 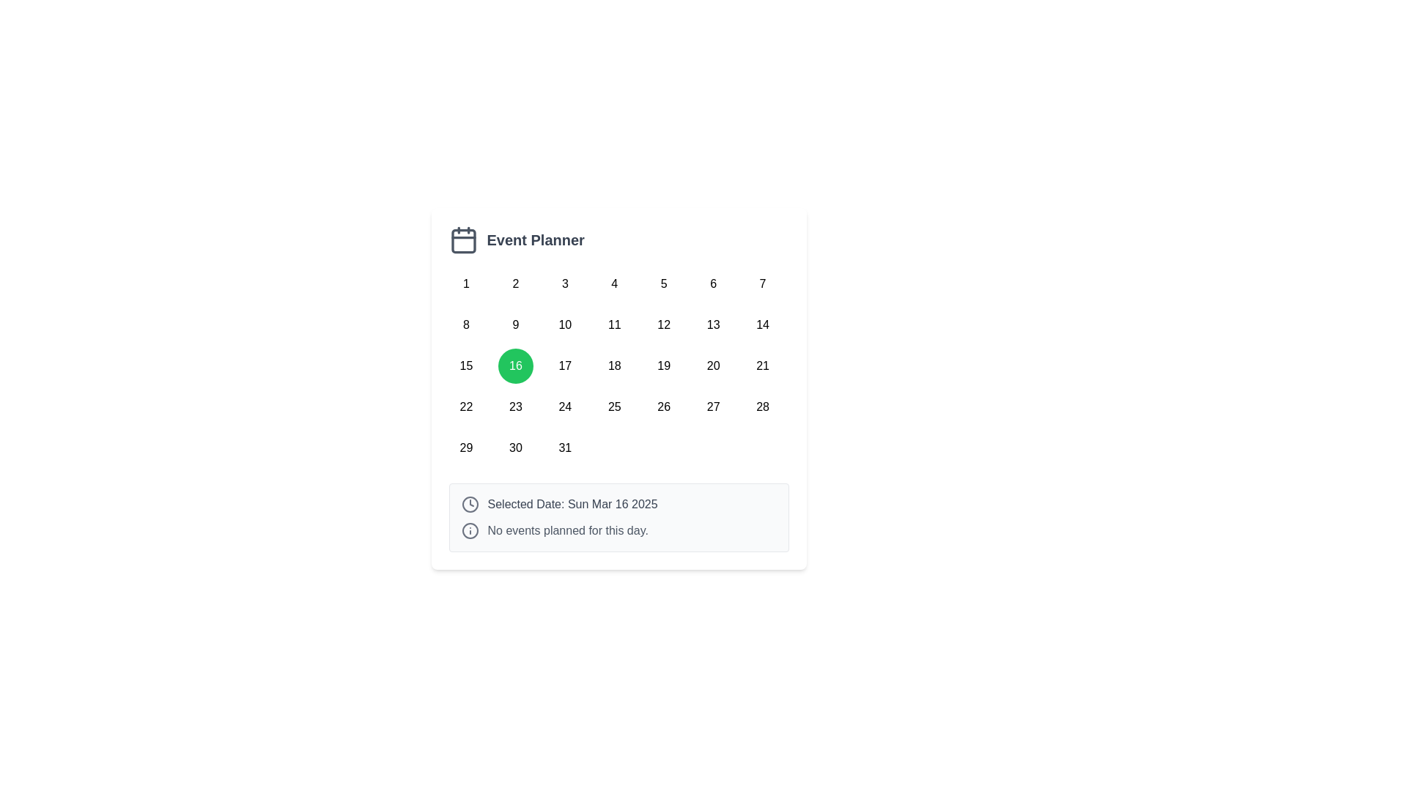 What do you see at coordinates (515, 324) in the screenshot?
I see `the calendar date button located in the second row and second column of the calendar grid` at bounding box center [515, 324].